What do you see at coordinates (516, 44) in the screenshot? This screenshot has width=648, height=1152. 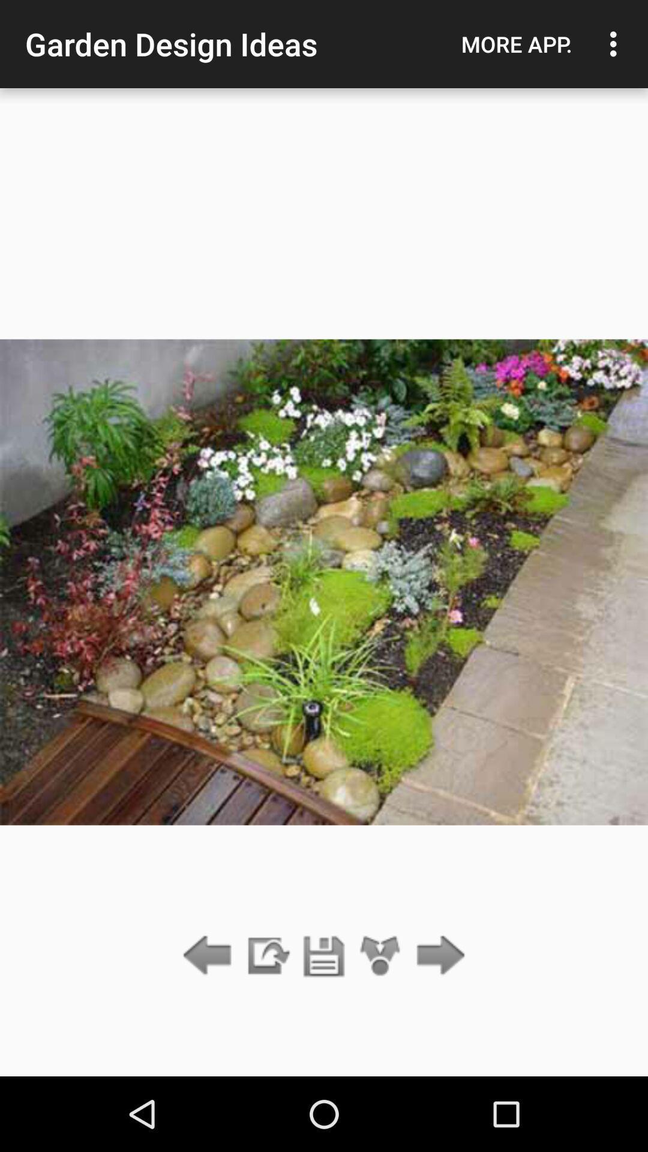 I see `more app. icon` at bounding box center [516, 44].